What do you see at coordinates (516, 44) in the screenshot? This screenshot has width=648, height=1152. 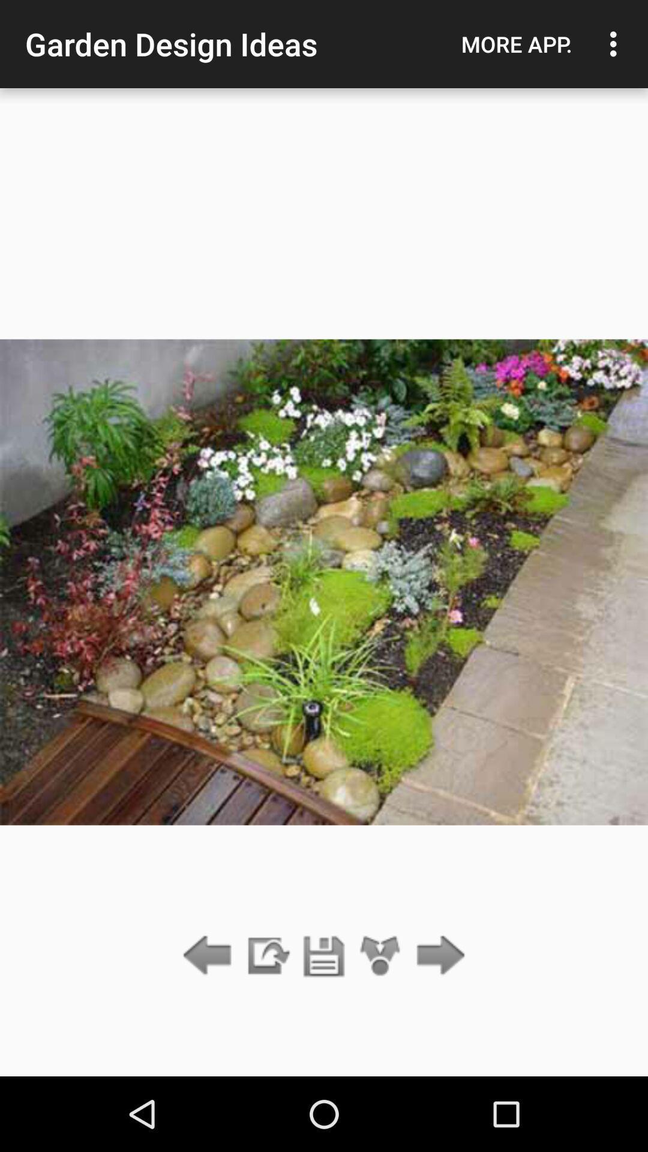 I see `more app. icon` at bounding box center [516, 44].